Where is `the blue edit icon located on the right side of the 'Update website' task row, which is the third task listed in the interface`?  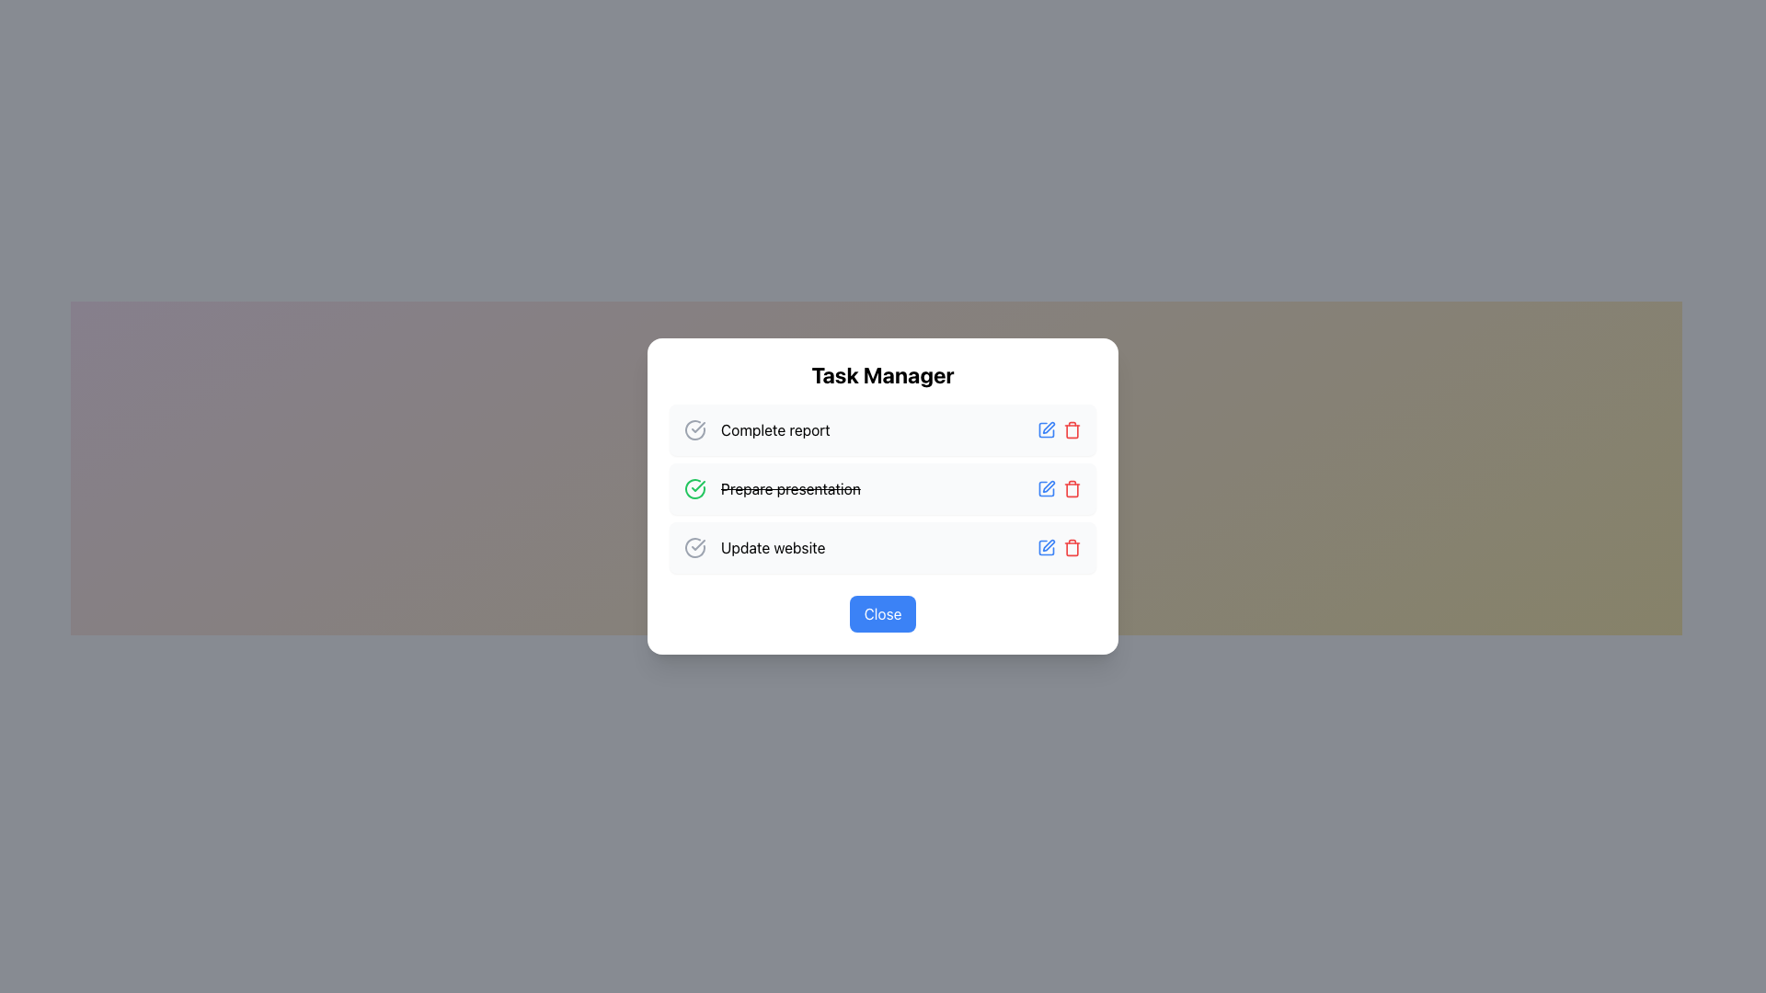 the blue edit icon located on the right side of the 'Update website' task row, which is the third task listed in the interface is located at coordinates (1060, 547).